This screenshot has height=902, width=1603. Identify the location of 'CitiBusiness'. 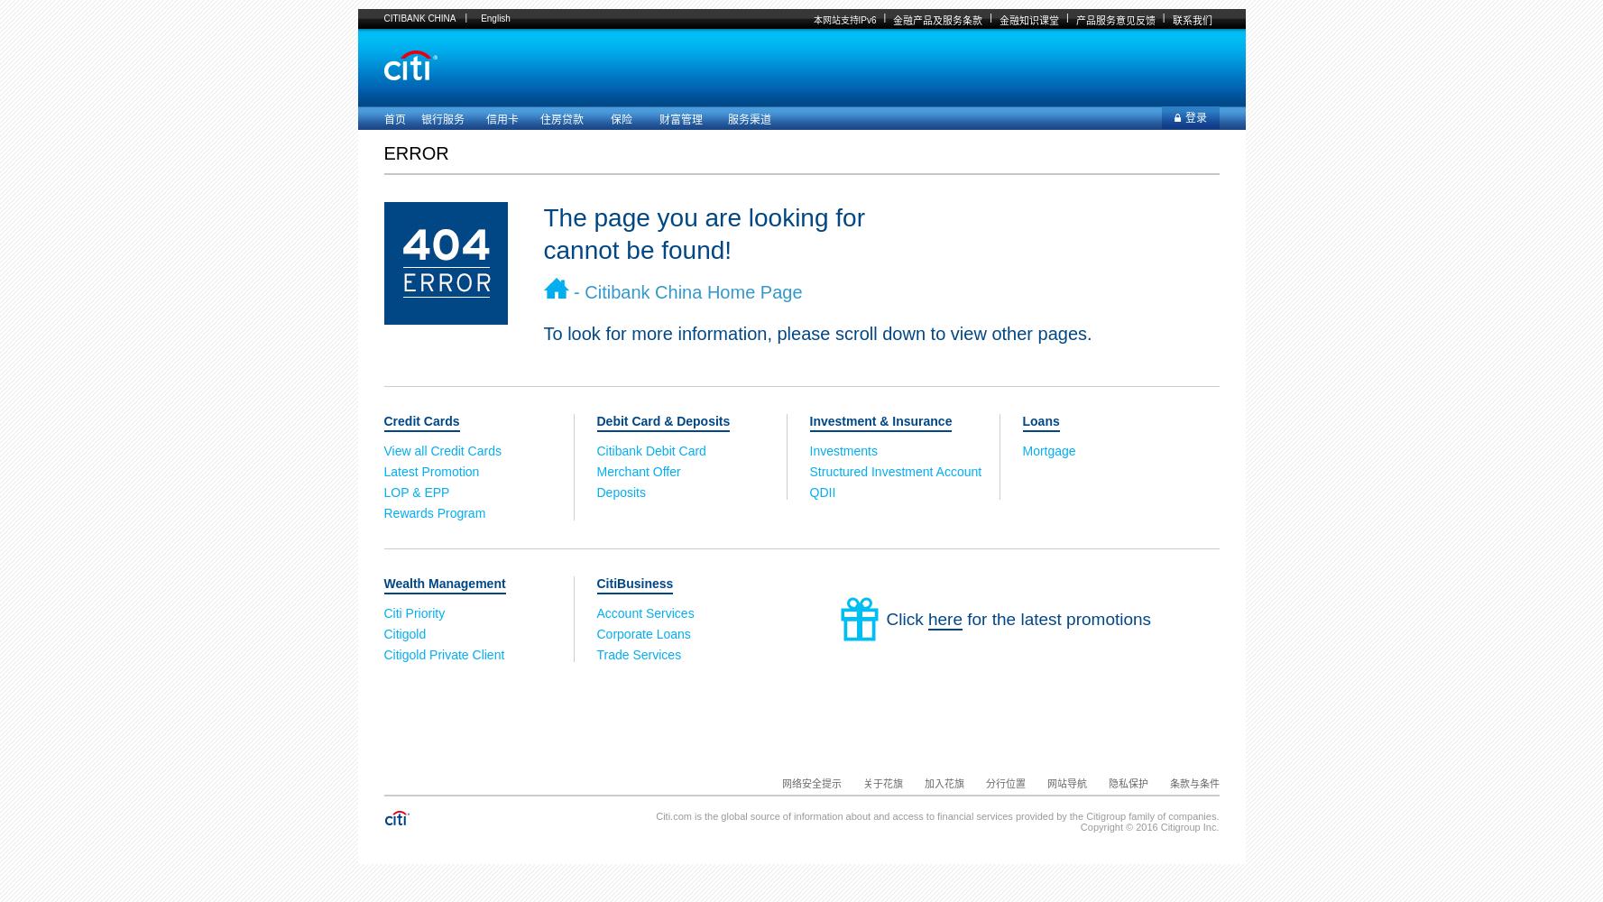
(633, 584).